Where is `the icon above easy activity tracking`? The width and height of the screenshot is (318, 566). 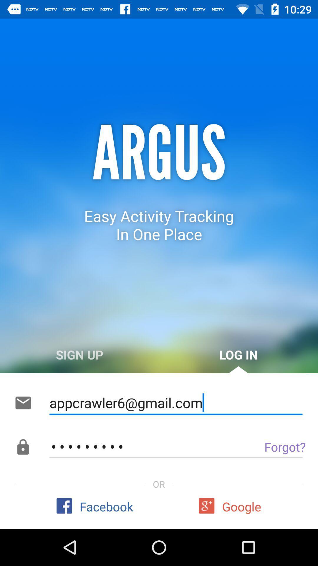 the icon above easy activity tracking is located at coordinates (159, 154).